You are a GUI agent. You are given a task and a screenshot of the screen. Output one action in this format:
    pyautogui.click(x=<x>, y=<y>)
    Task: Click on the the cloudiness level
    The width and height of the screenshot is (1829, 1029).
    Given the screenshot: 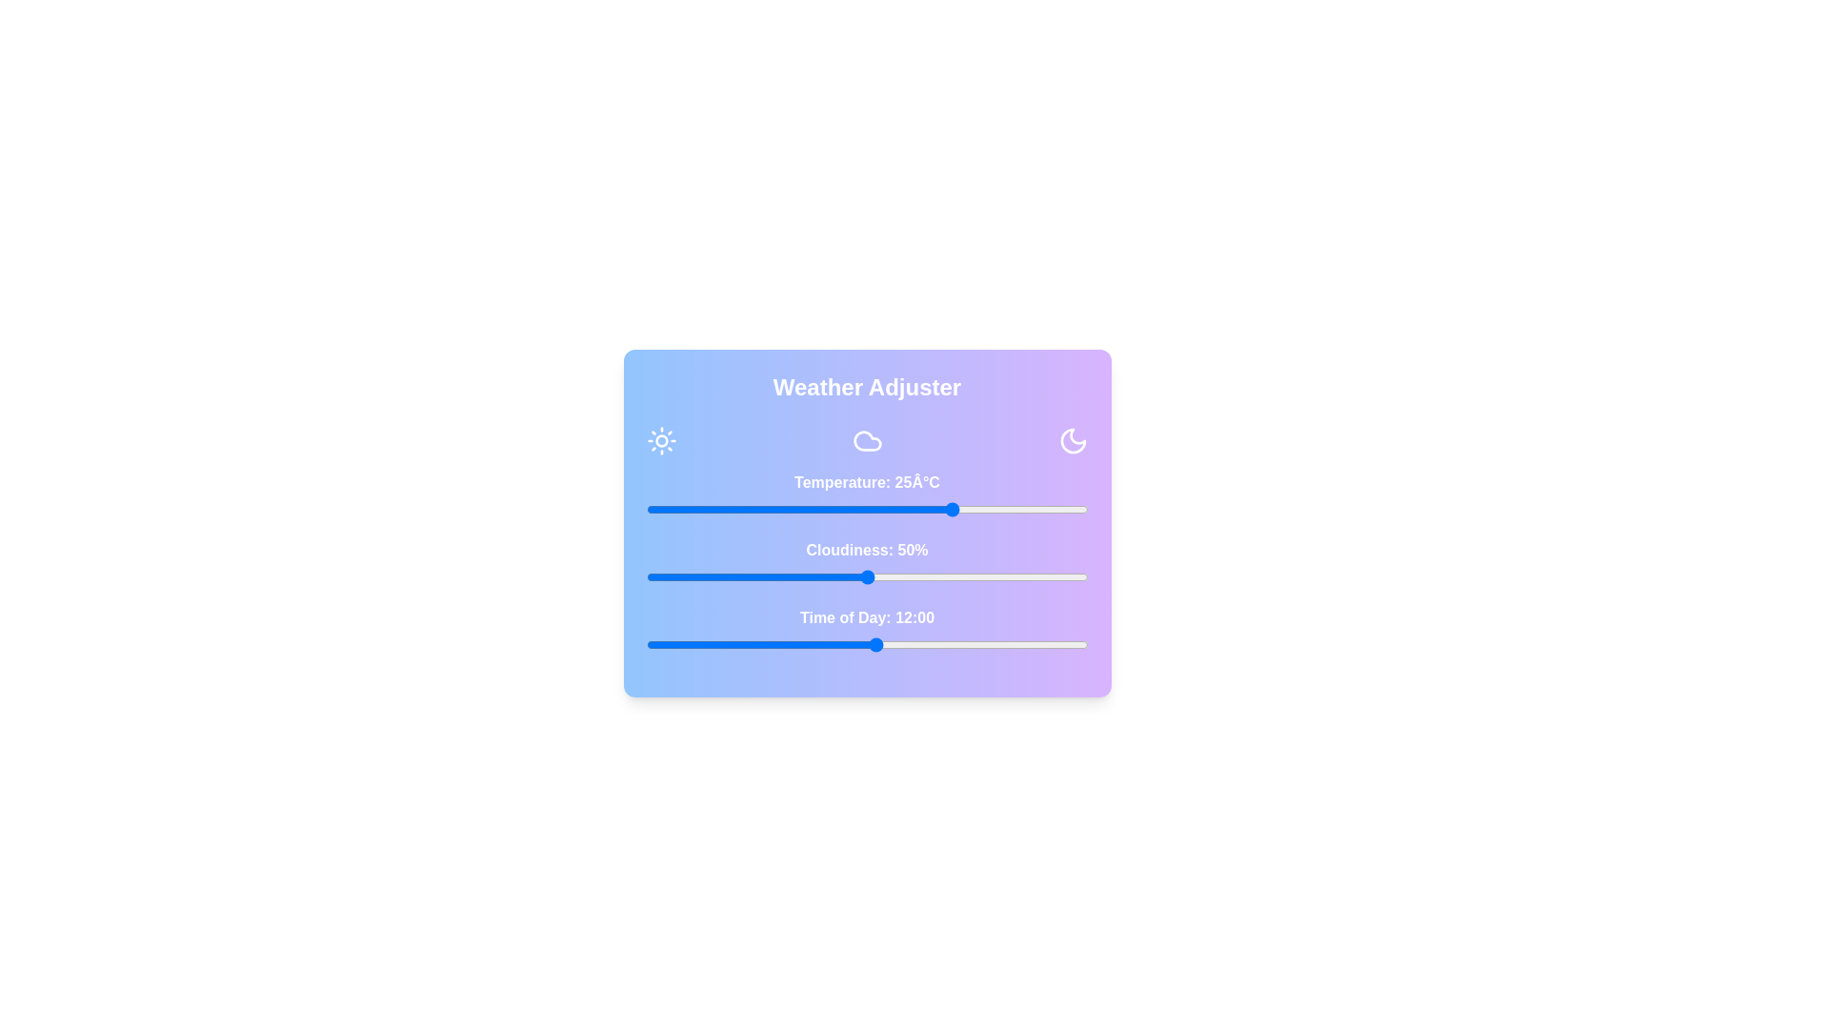 What is the action you would take?
    pyautogui.click(x=646, y=575)
    